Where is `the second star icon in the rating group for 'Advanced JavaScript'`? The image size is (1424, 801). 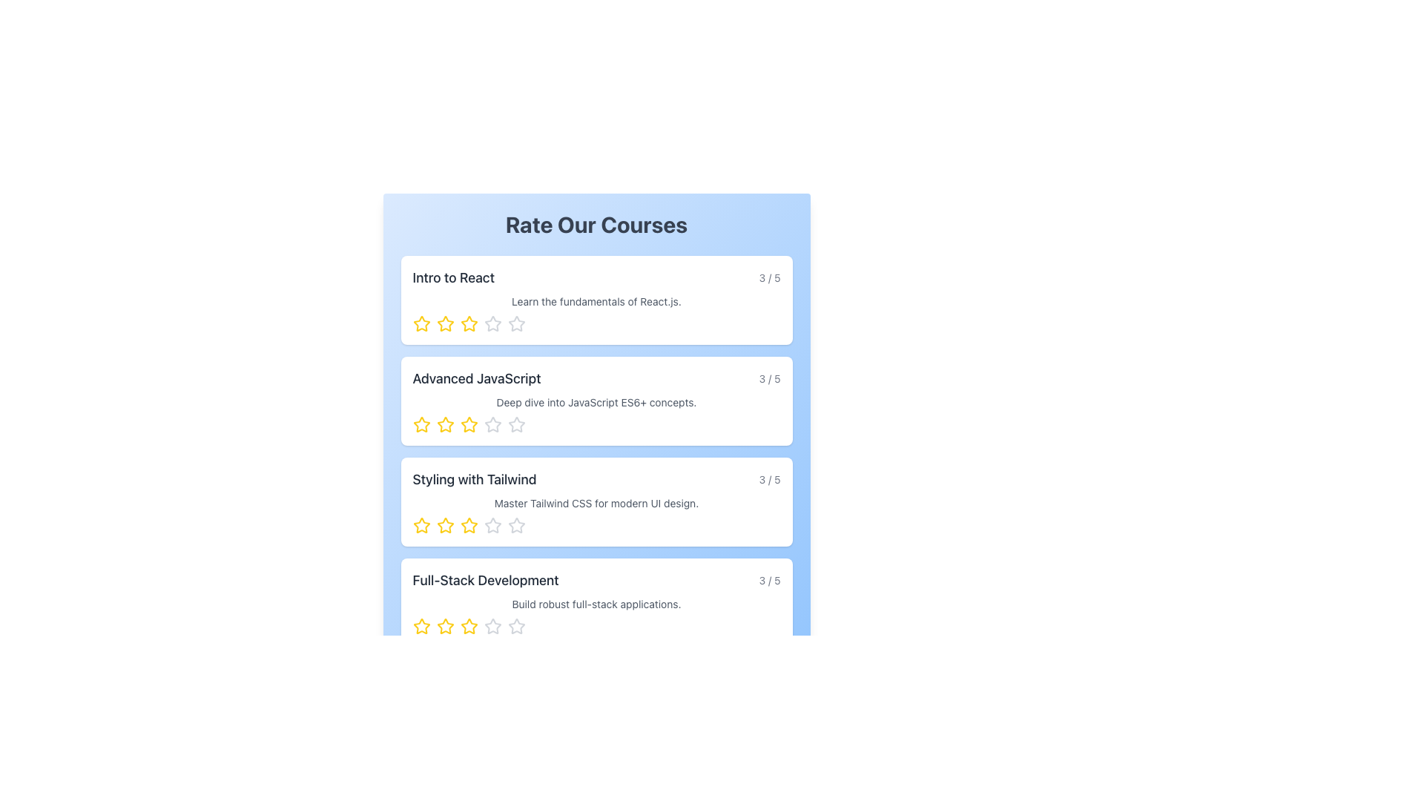
the second star icon in the rating group for 'Advanced JavaScript' is located at coordinates (444, 425).